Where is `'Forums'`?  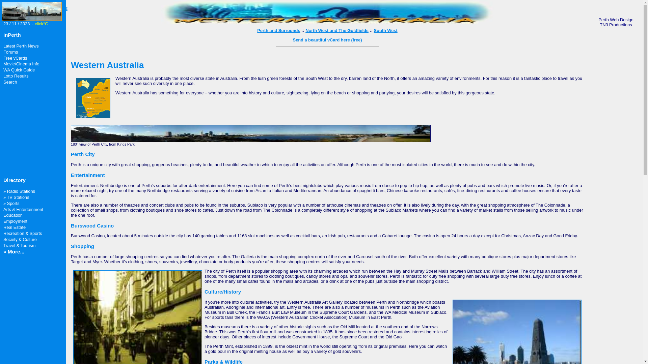 'Forums' is located at coordinates (3, 52).